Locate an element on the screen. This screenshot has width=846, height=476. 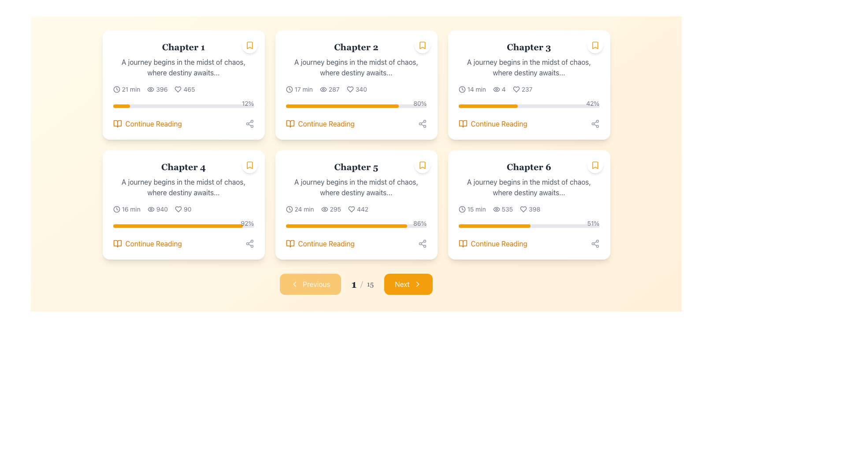
the 'Continue Reading' button located at the bottom middle of the 'Chapter 2' card using keyboard navigation is located at coordinates (326, 124).